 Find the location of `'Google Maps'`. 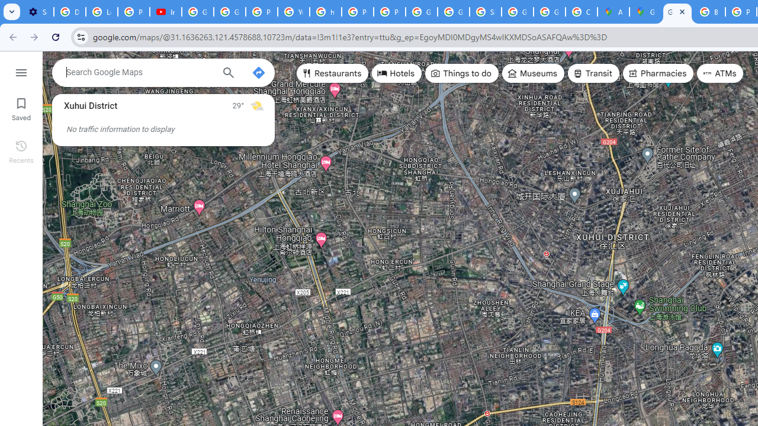

'Google Maps' is located at coordinates (644, 12).